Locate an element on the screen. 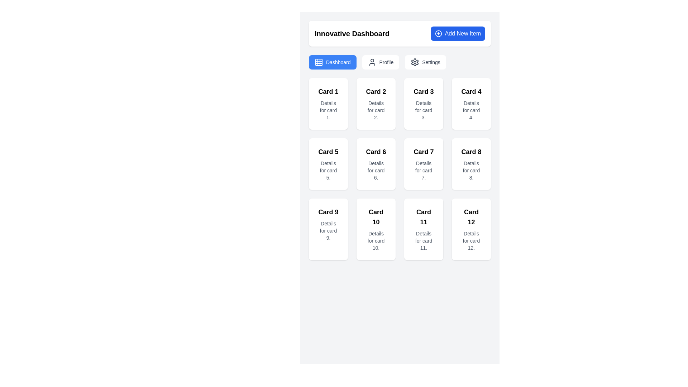 Image resolution: width=688 pixels, height=387 pixels. text content of the prominent bold text label 'Card 7' located at the top-center of the seventh card in the grid layout is located at coordinates (424, 152).